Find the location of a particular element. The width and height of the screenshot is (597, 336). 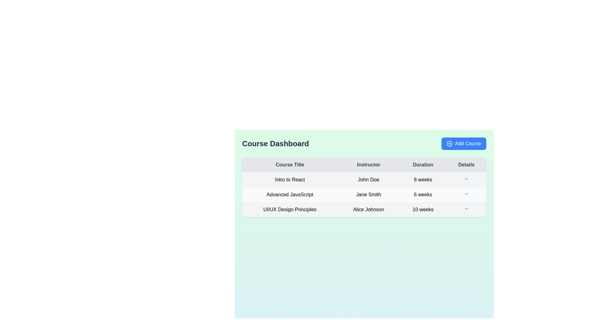

the Table Header Row containing the titles 'Course Title', 'Instructor', 'Duration', and 'Details', which is located at the top of the table with a light gray background is located at coordinates (364, 164).